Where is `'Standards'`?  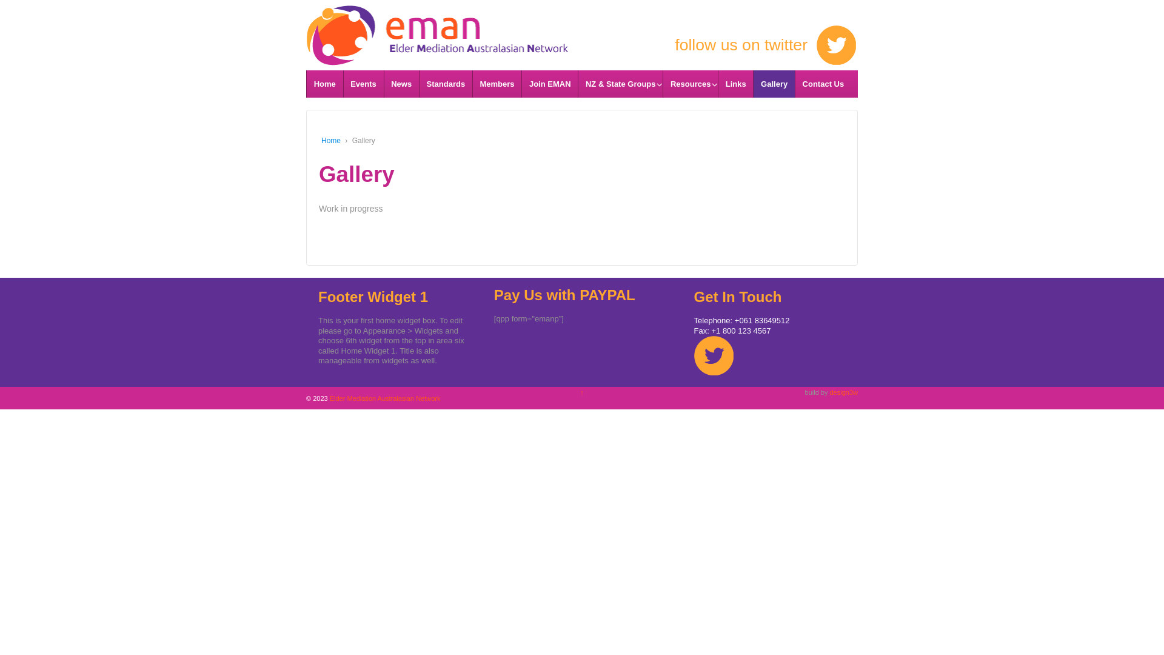
'Standards' is located at coordinates (444, 83).